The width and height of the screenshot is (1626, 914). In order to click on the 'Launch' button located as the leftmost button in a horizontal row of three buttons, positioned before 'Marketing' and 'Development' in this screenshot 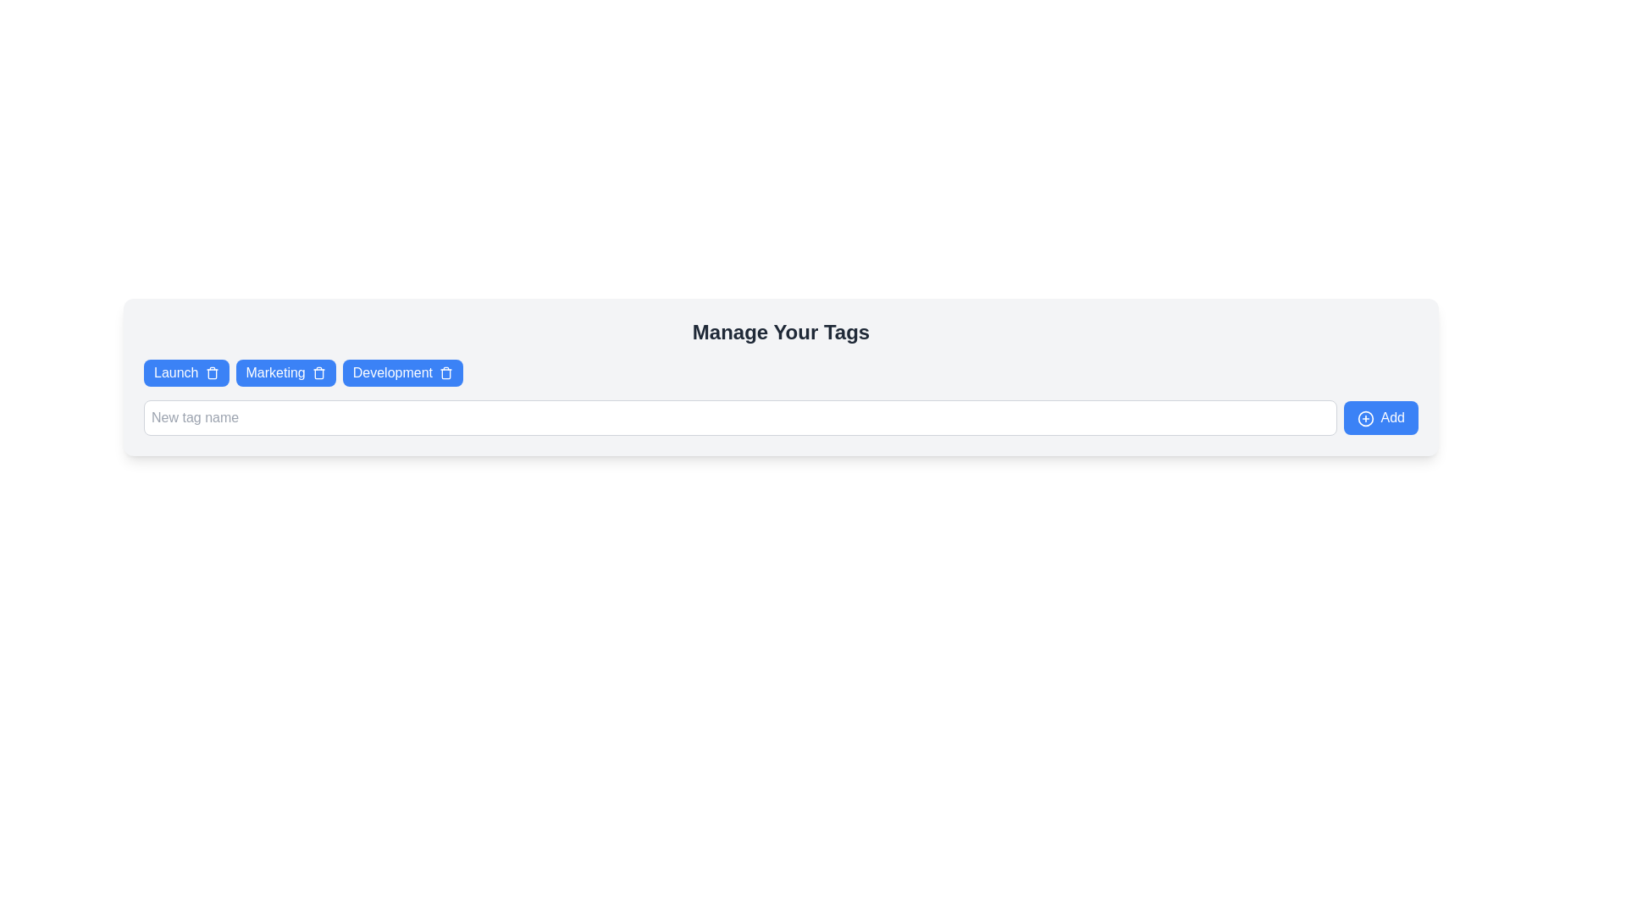, I will do `click(186, 372)`.